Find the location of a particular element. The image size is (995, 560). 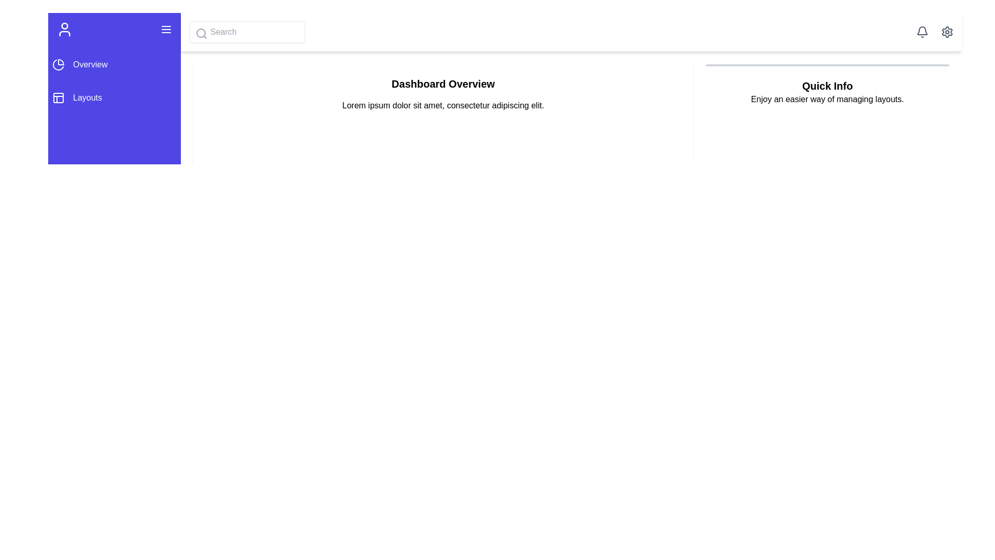

the magnifying glass search icon, which is positioned towards the left edge of the search input field at the top-left section of the interface is located at coordinates (201, 33).